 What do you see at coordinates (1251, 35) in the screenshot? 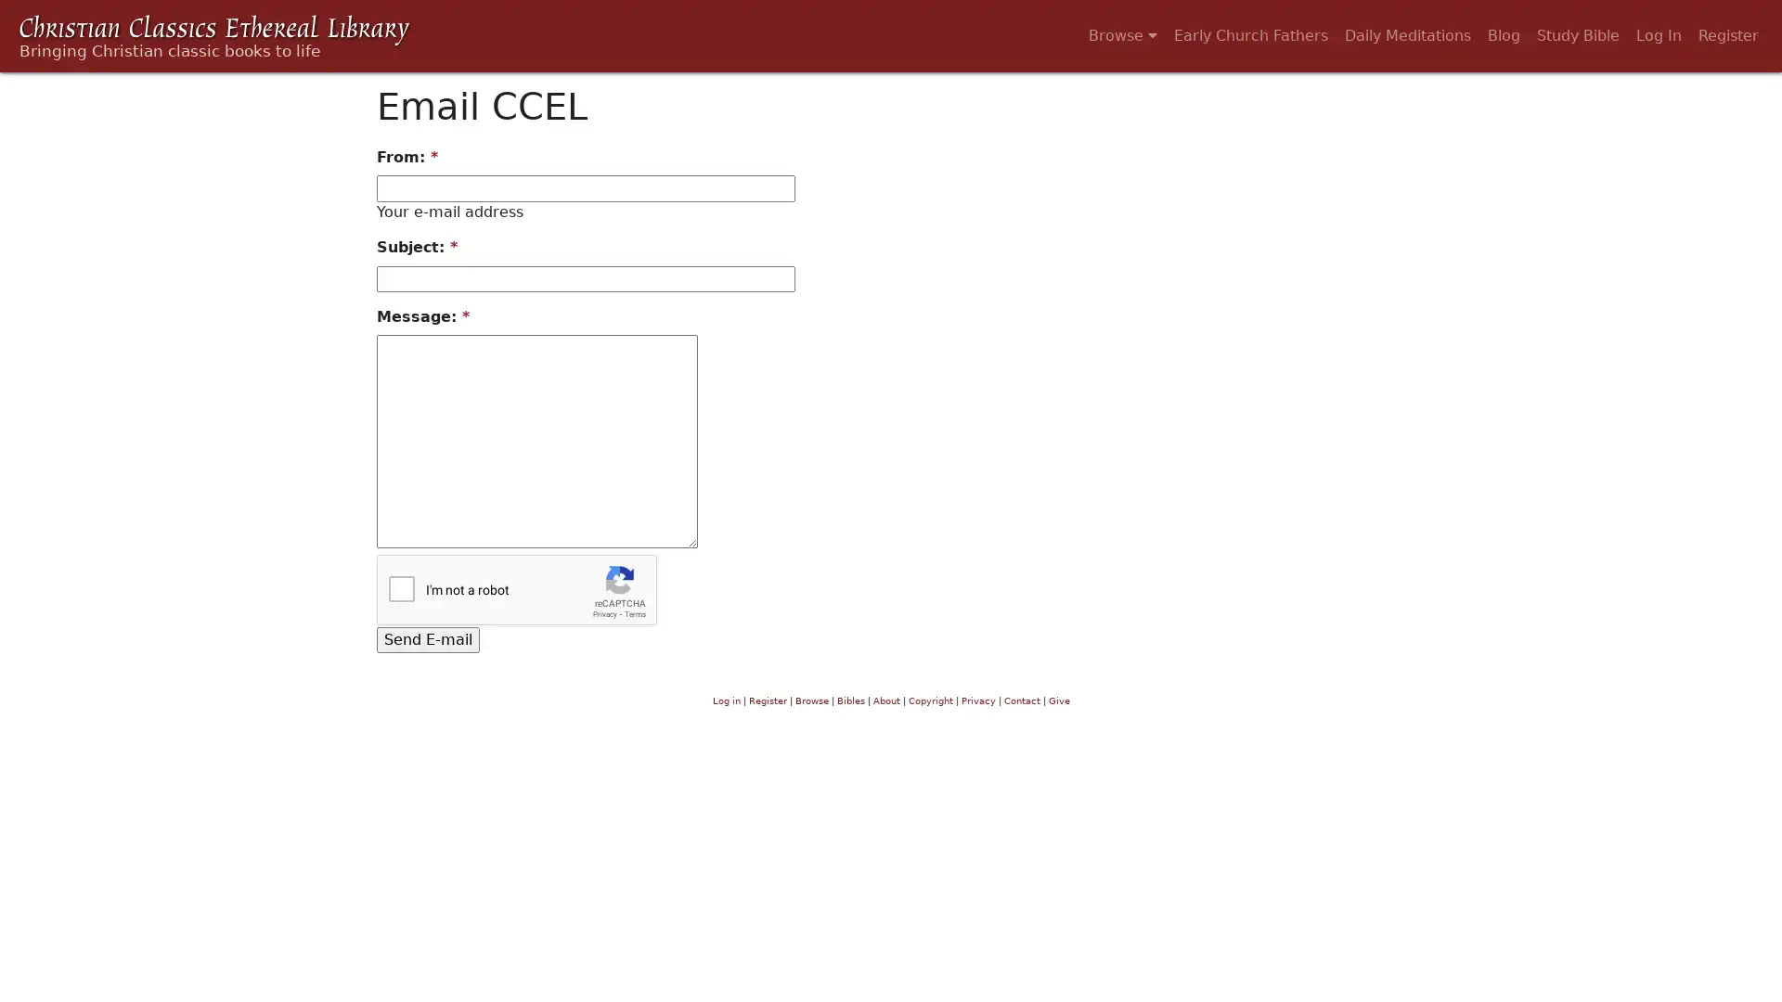
I see `Early Church Fathers` at bounding box center [1251, 35].